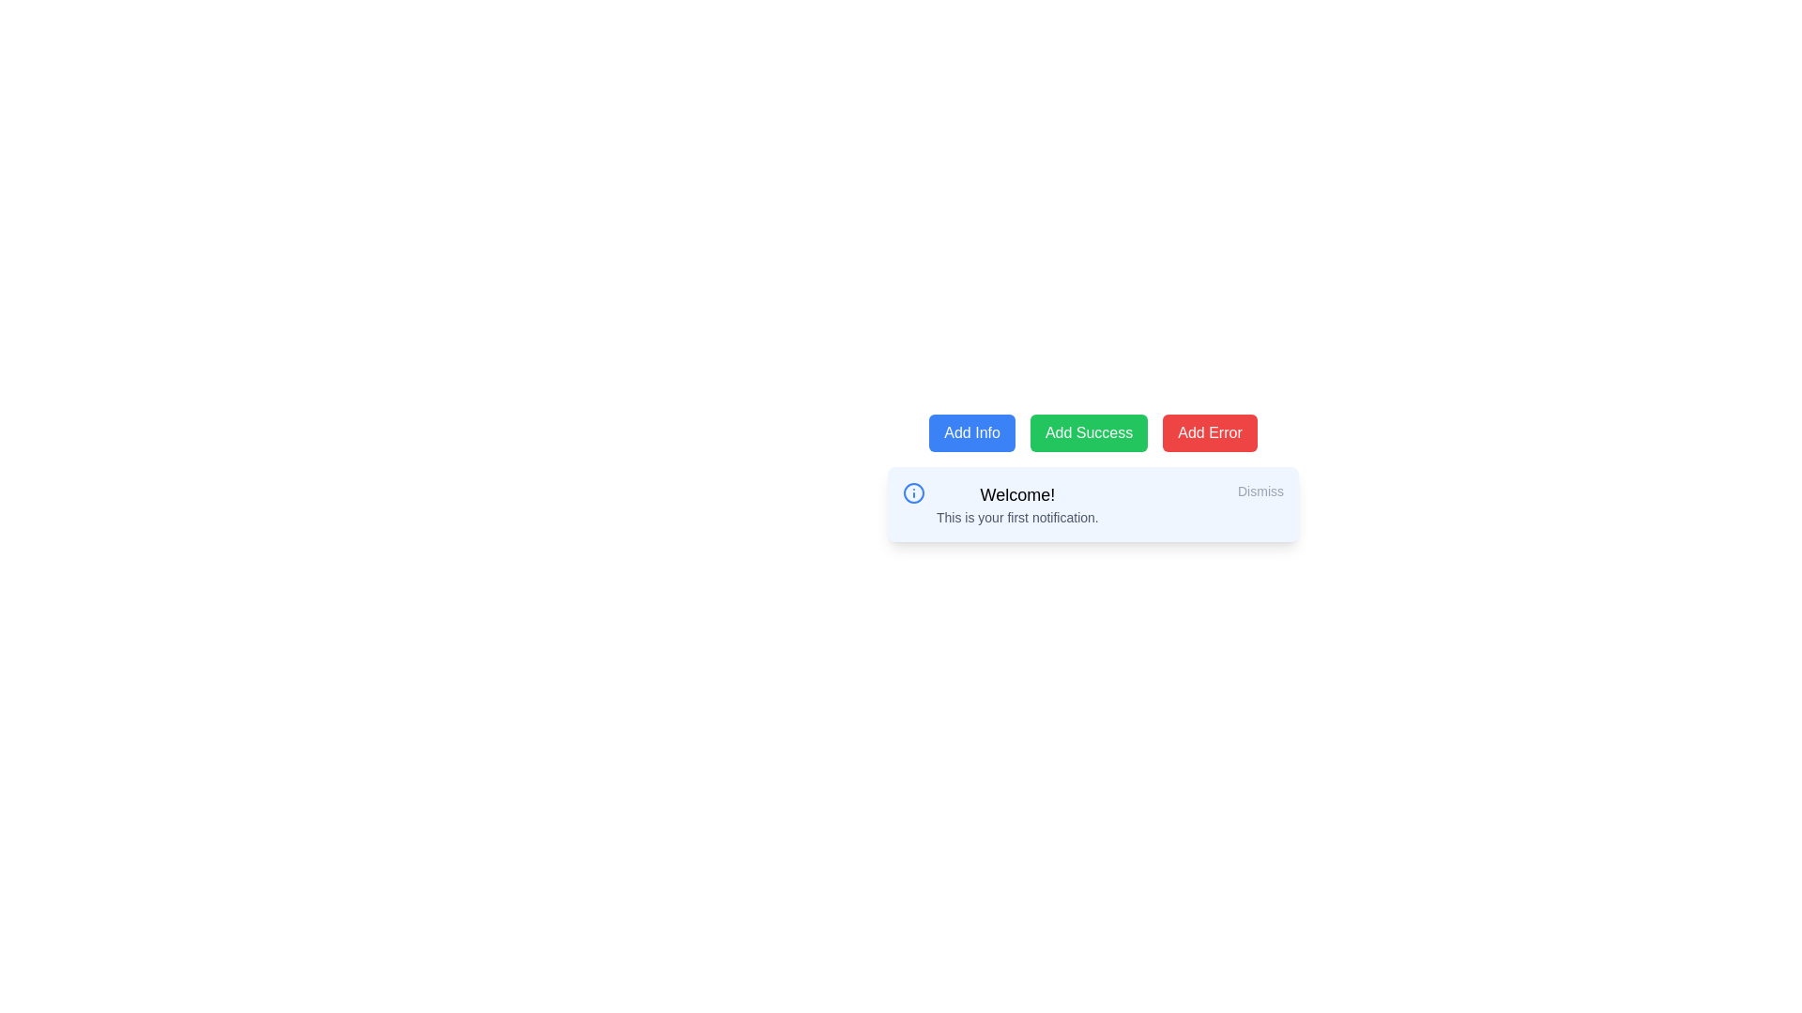 This screenshot has height=1013, width=1802. What do you see at coordinates (1093, 476) in the screenshot?
I see `the Notification banner element that displays 'Welcome!' and 'This is your first notification.' with a 'Dismiss' button on the right` at bounding box center [1093, 476].